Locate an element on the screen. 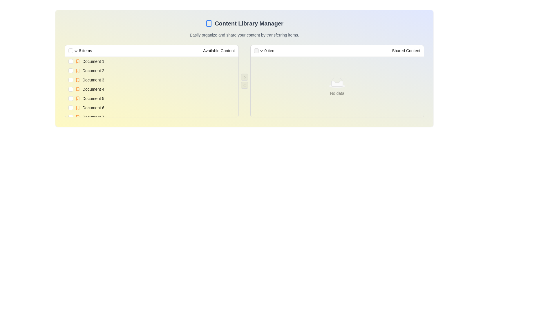 This screenshot has width=557, height=313. the text label displaying 'Document 5' in the 'Available Content' list is located at coordinates (93, 98).